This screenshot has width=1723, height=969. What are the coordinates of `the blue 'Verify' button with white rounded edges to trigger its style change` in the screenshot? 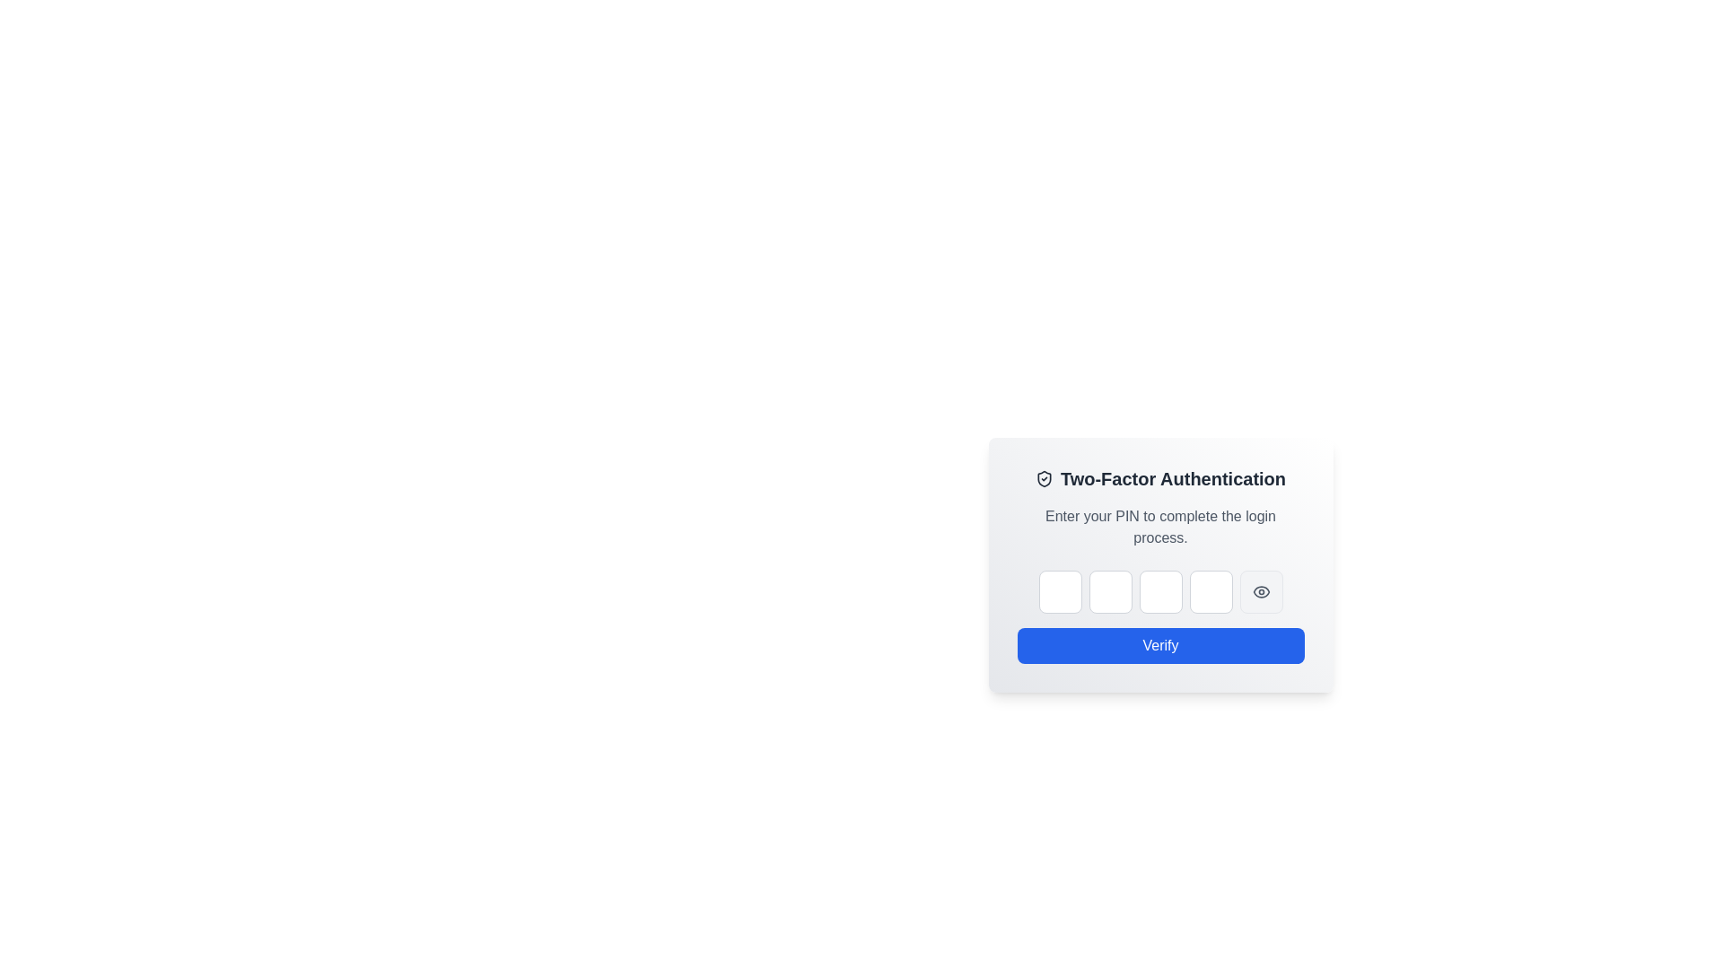 It's located at (1160, 646).